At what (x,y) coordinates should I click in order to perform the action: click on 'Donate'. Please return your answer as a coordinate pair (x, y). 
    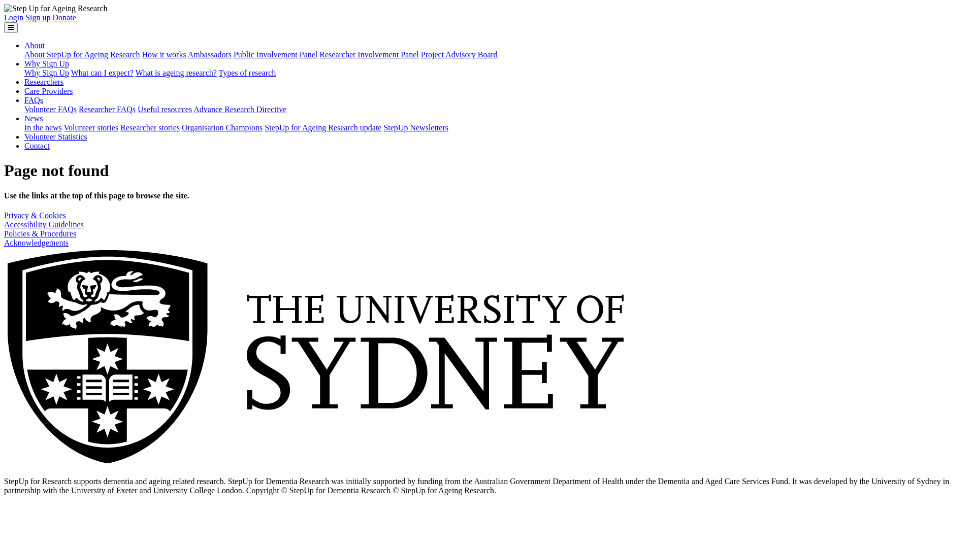
    Looking at the image, I should click on (63, 17).